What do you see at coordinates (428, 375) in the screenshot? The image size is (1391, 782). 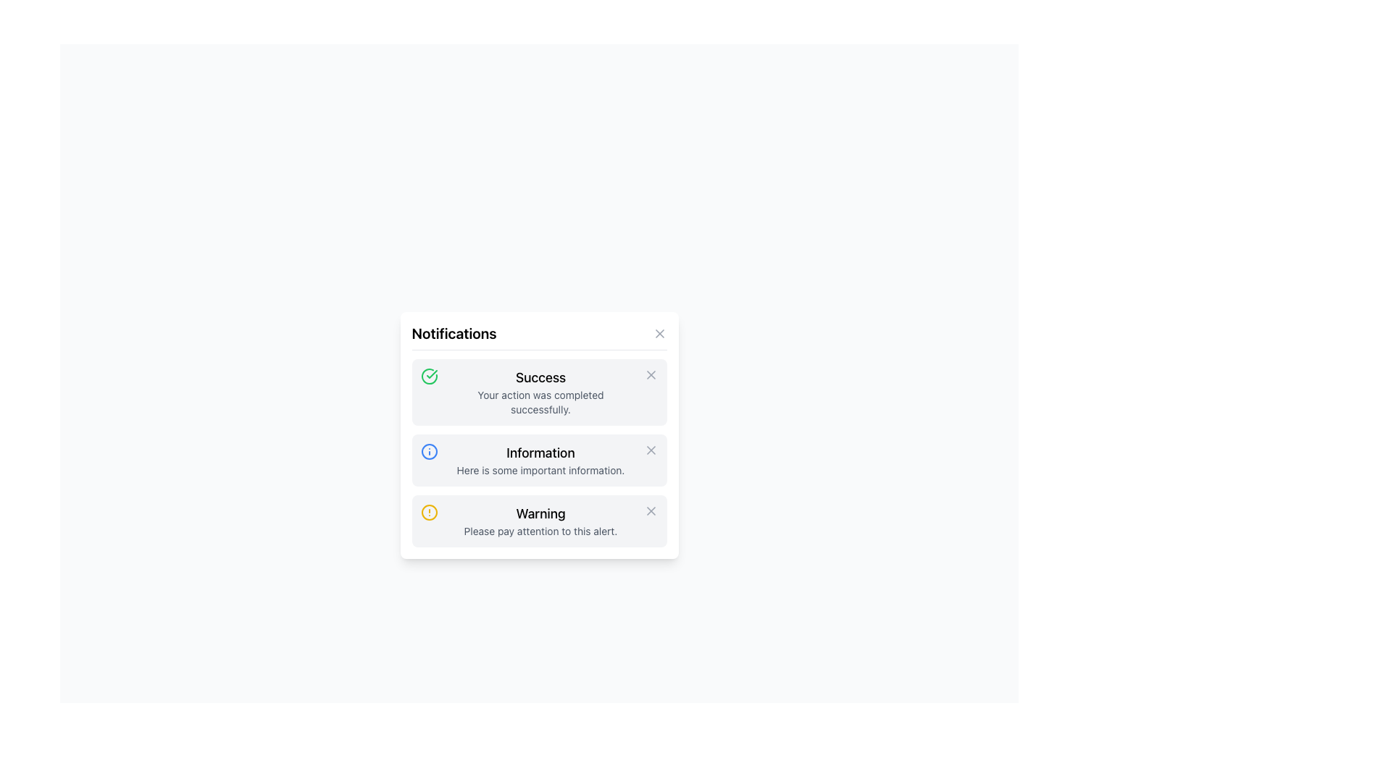 I see `the success icon located at the top left corner of the 'Success' notification card, which indicates a successful action completion` at bounding box center [428, 375].